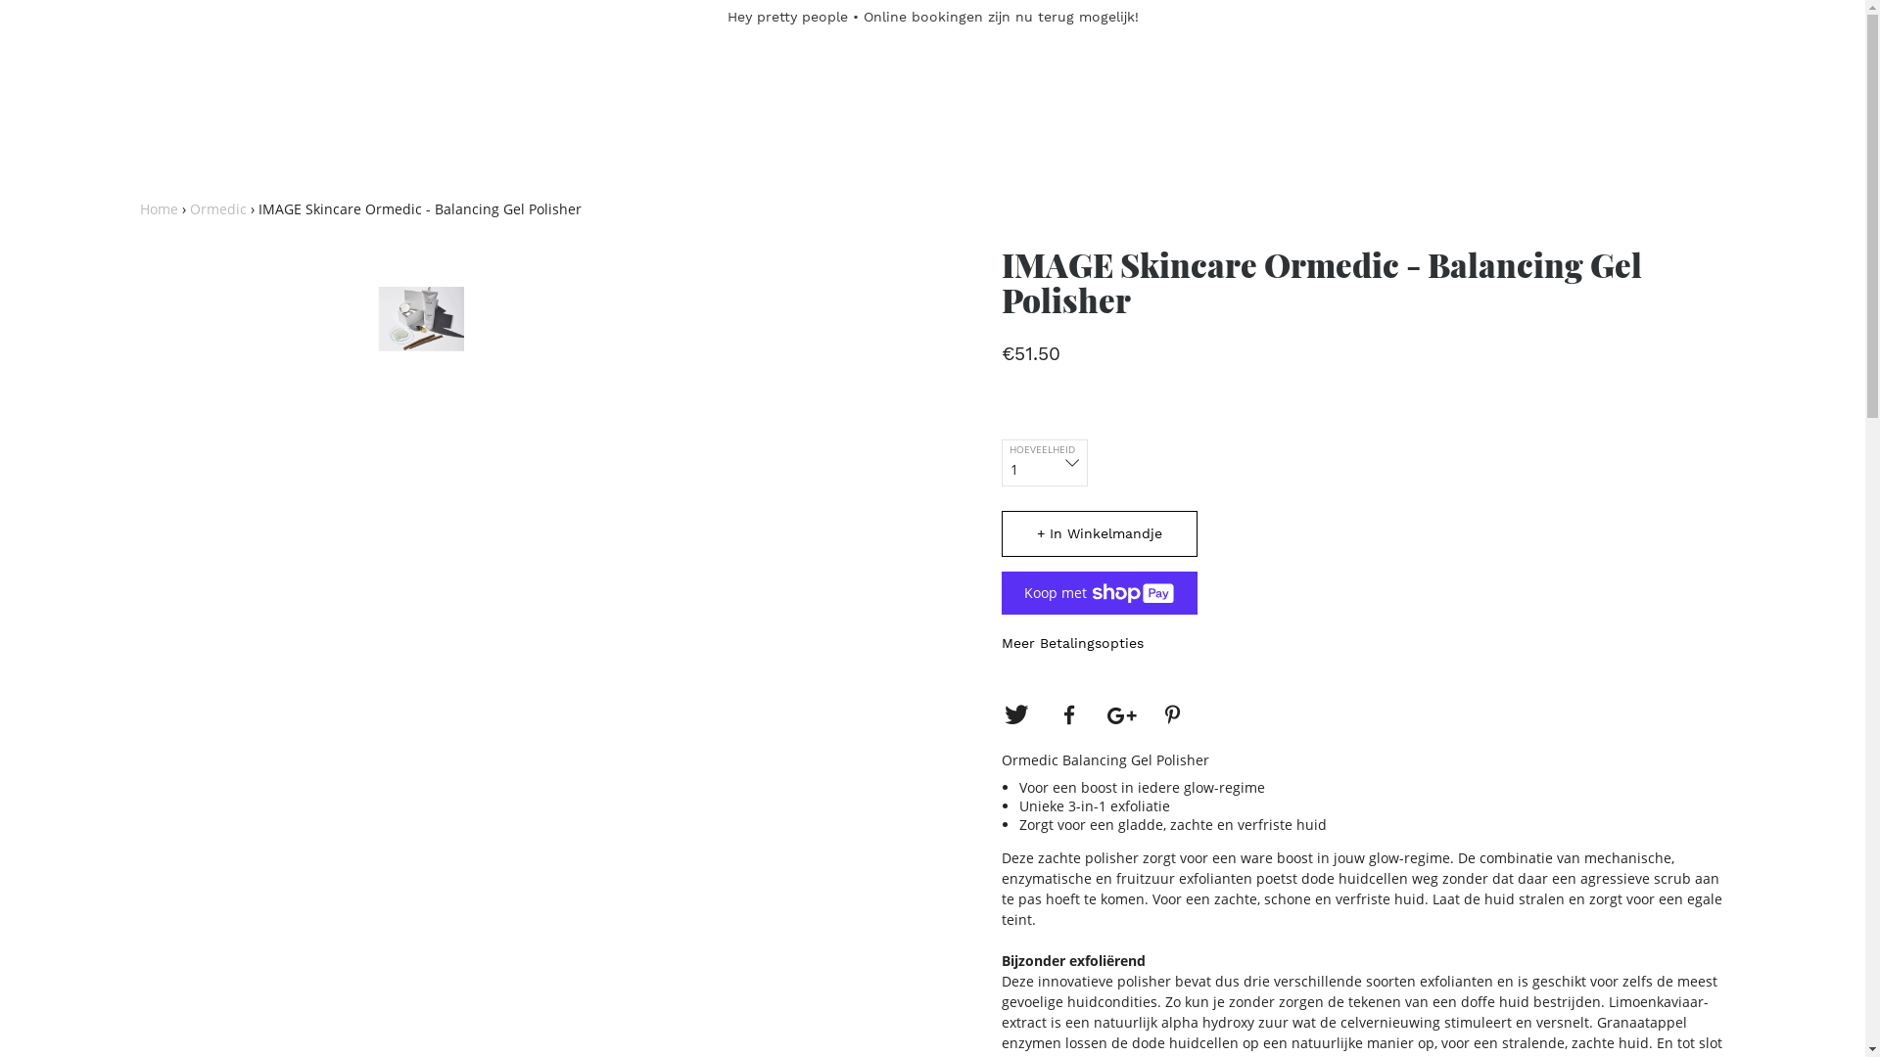  I want to click on '+ In Winkelmandje', so click(1099, 533).